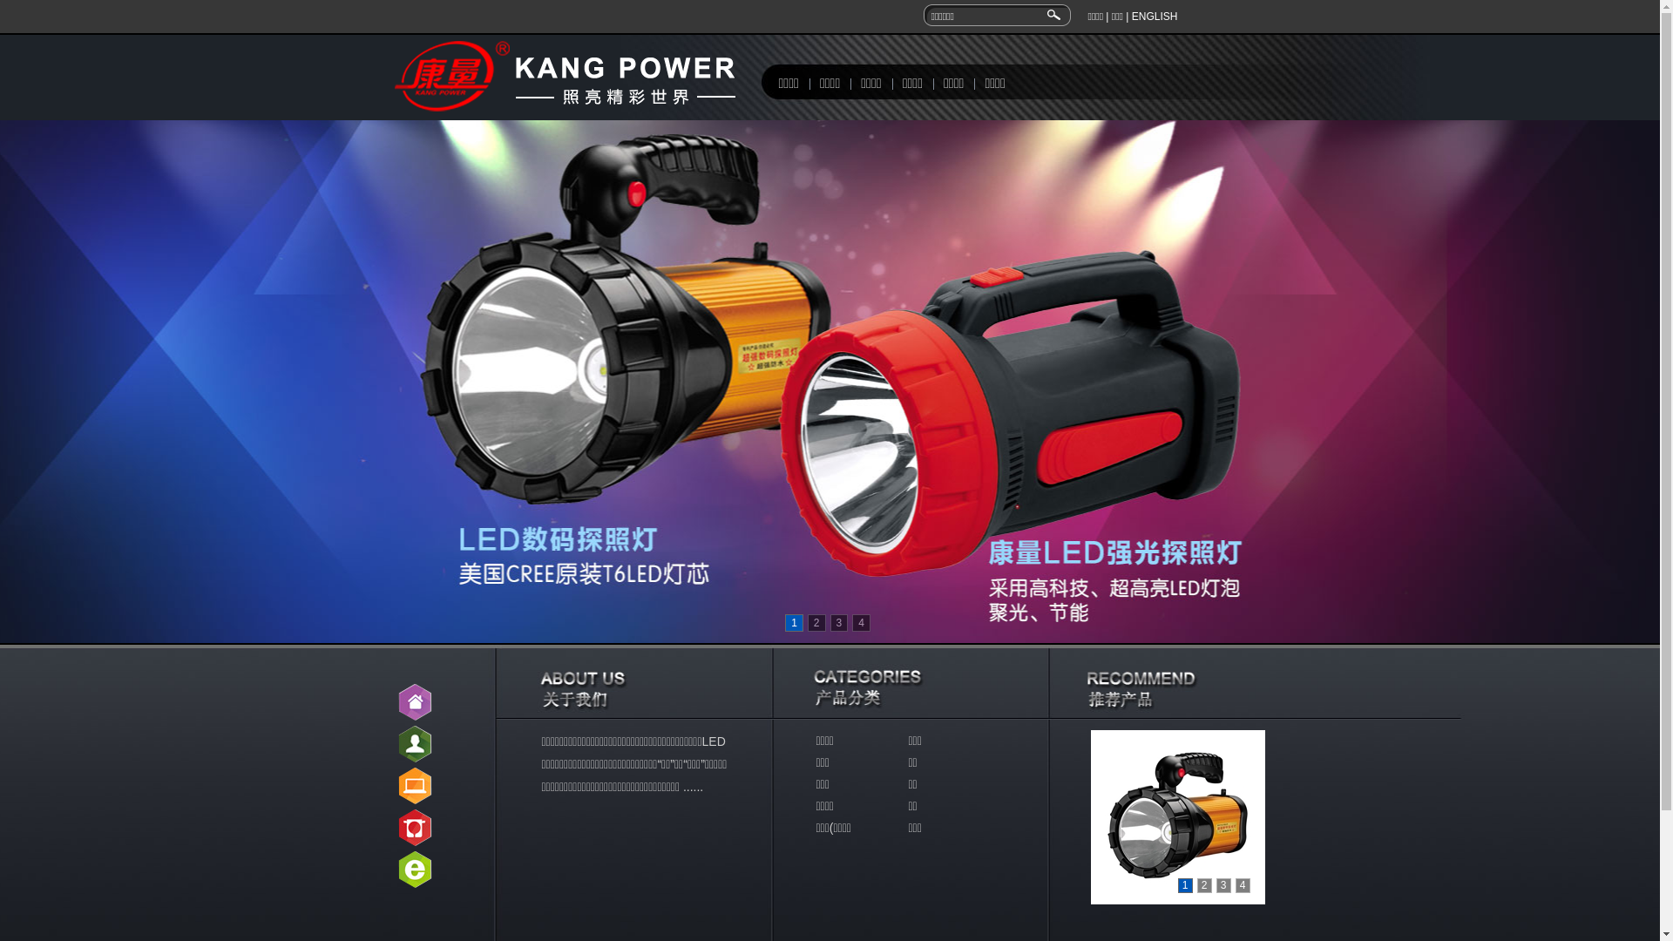  Describe the element at coordinates (816, 621) in the screenshot. I see `'2'` at that location.